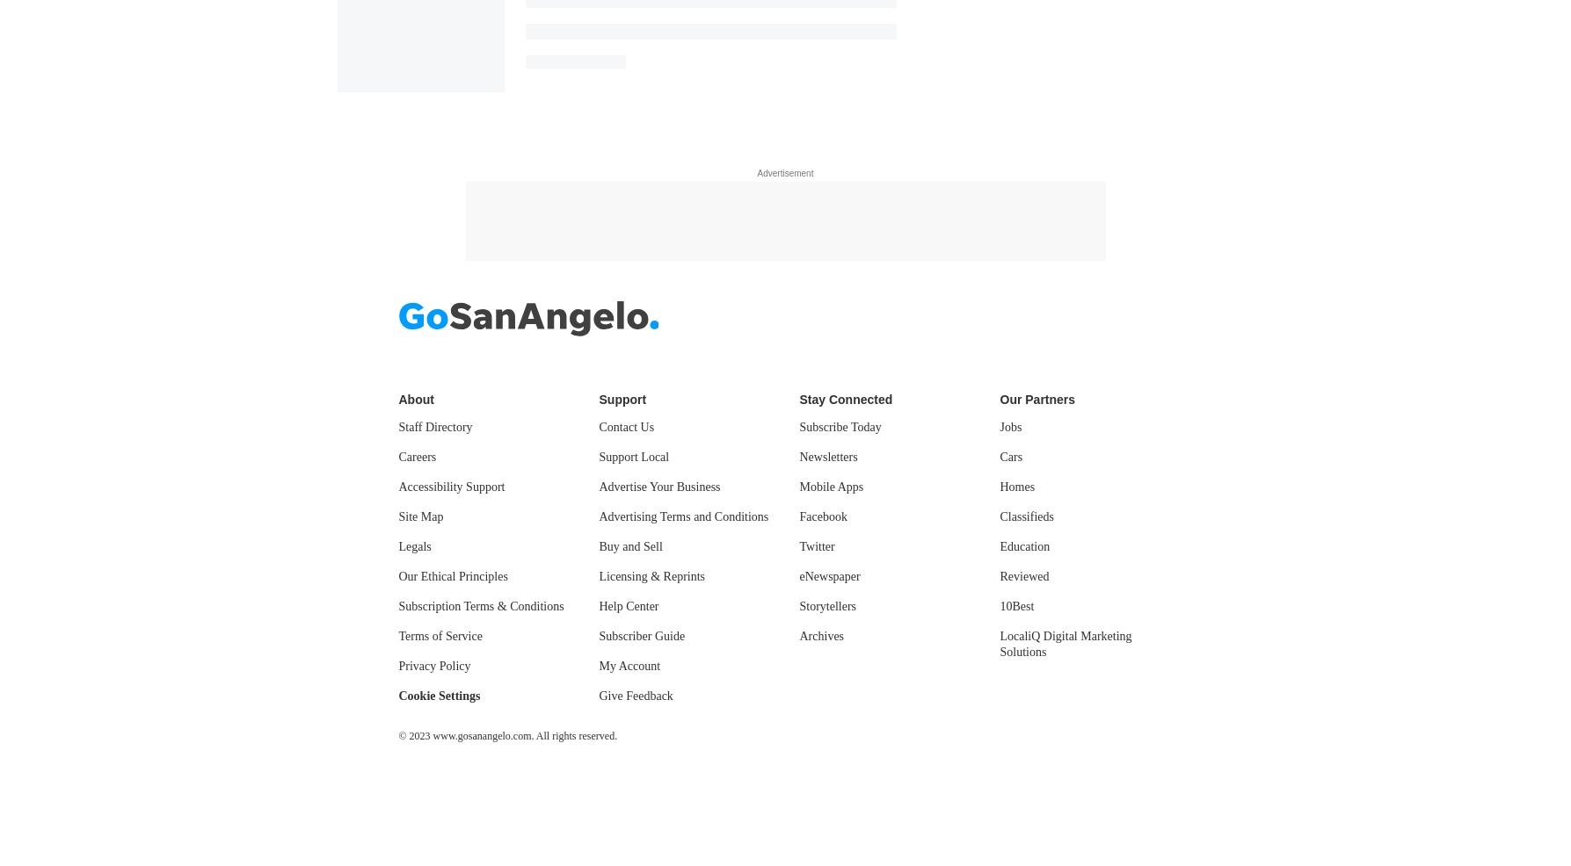 The height and width of the screenshot is (866, 1571). Describe the element at coordinates (839, 426) in the screenshot. I see `'Subscribe Today'` at that location.